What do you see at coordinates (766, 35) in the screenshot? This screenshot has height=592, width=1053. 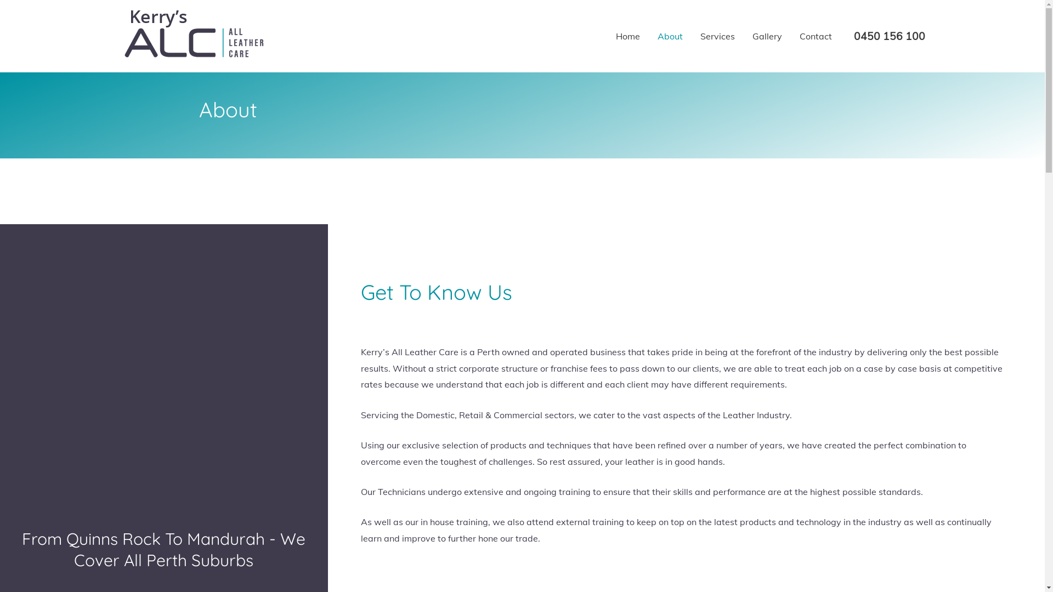 I see `'Gallery'` at bounding box center [766, 35].